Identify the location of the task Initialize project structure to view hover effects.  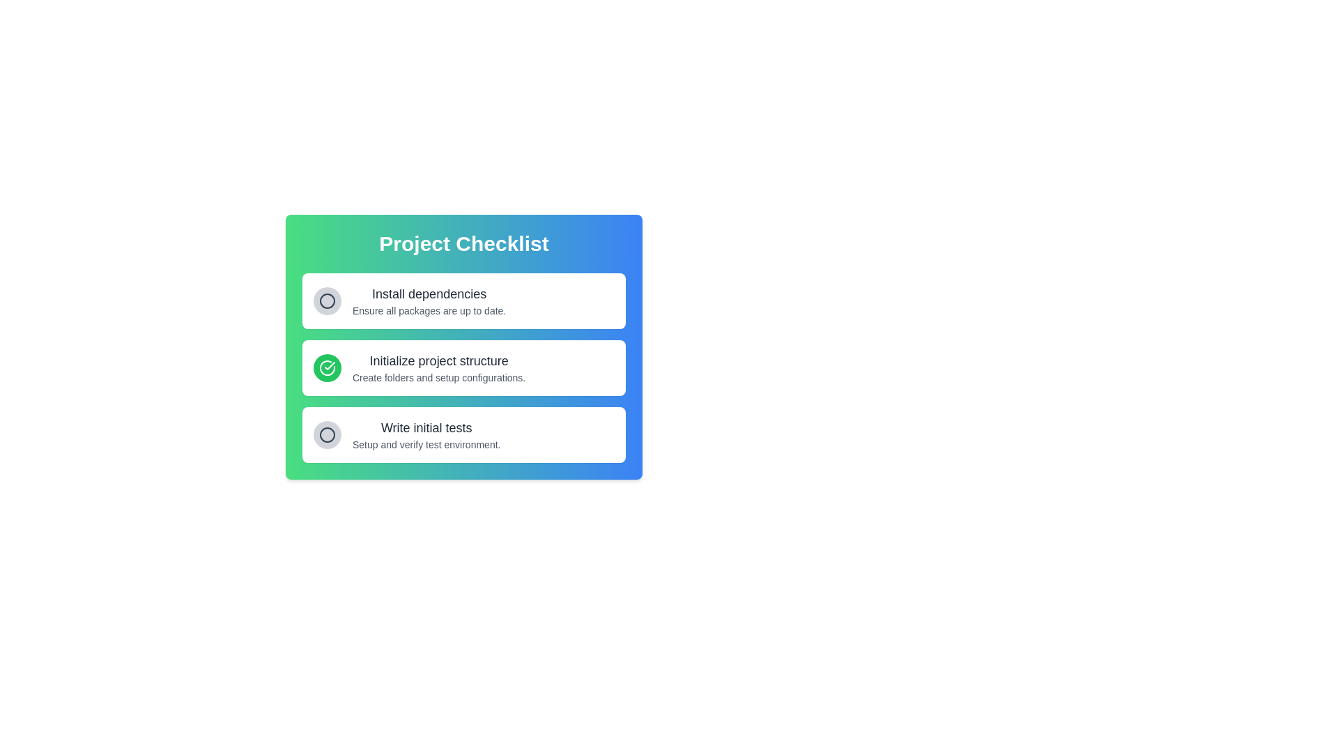
(438, 367).